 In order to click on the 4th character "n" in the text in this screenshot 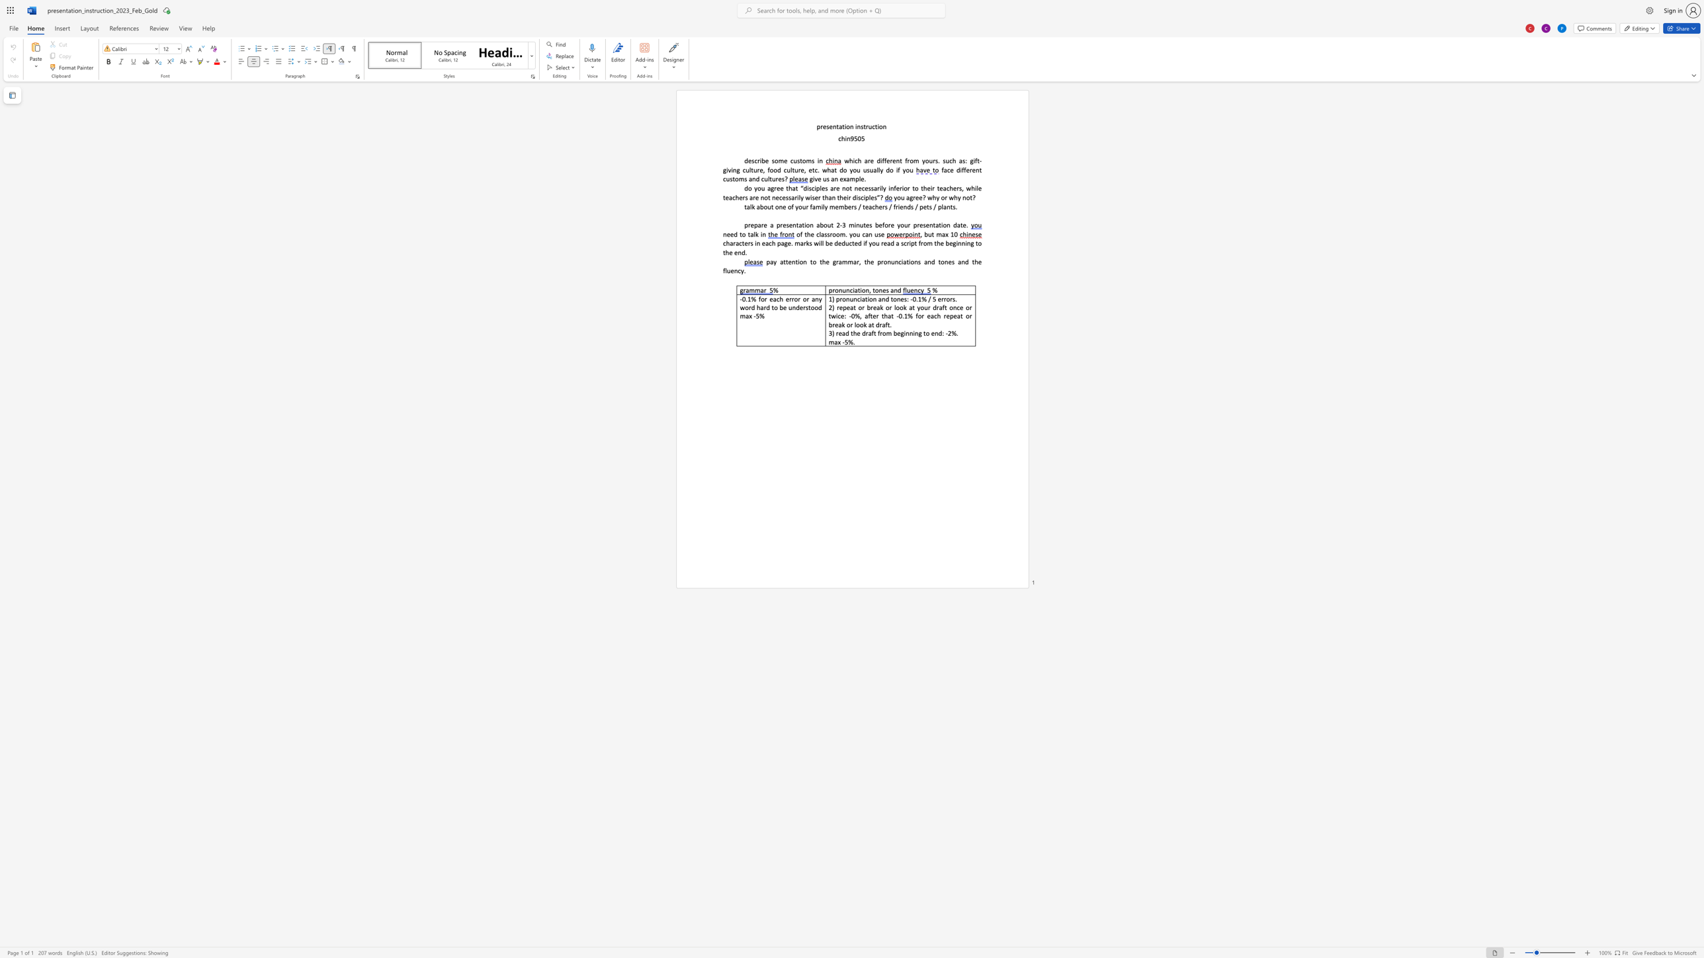, I will do `click(884, 126)`.